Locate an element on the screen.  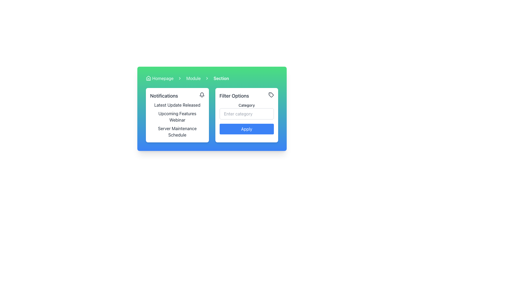
the text label displaying 'Section' in bold white font against a green background, which is the last breadcrumb element in the breadcrumb trail is located at coordinates (221, 78).